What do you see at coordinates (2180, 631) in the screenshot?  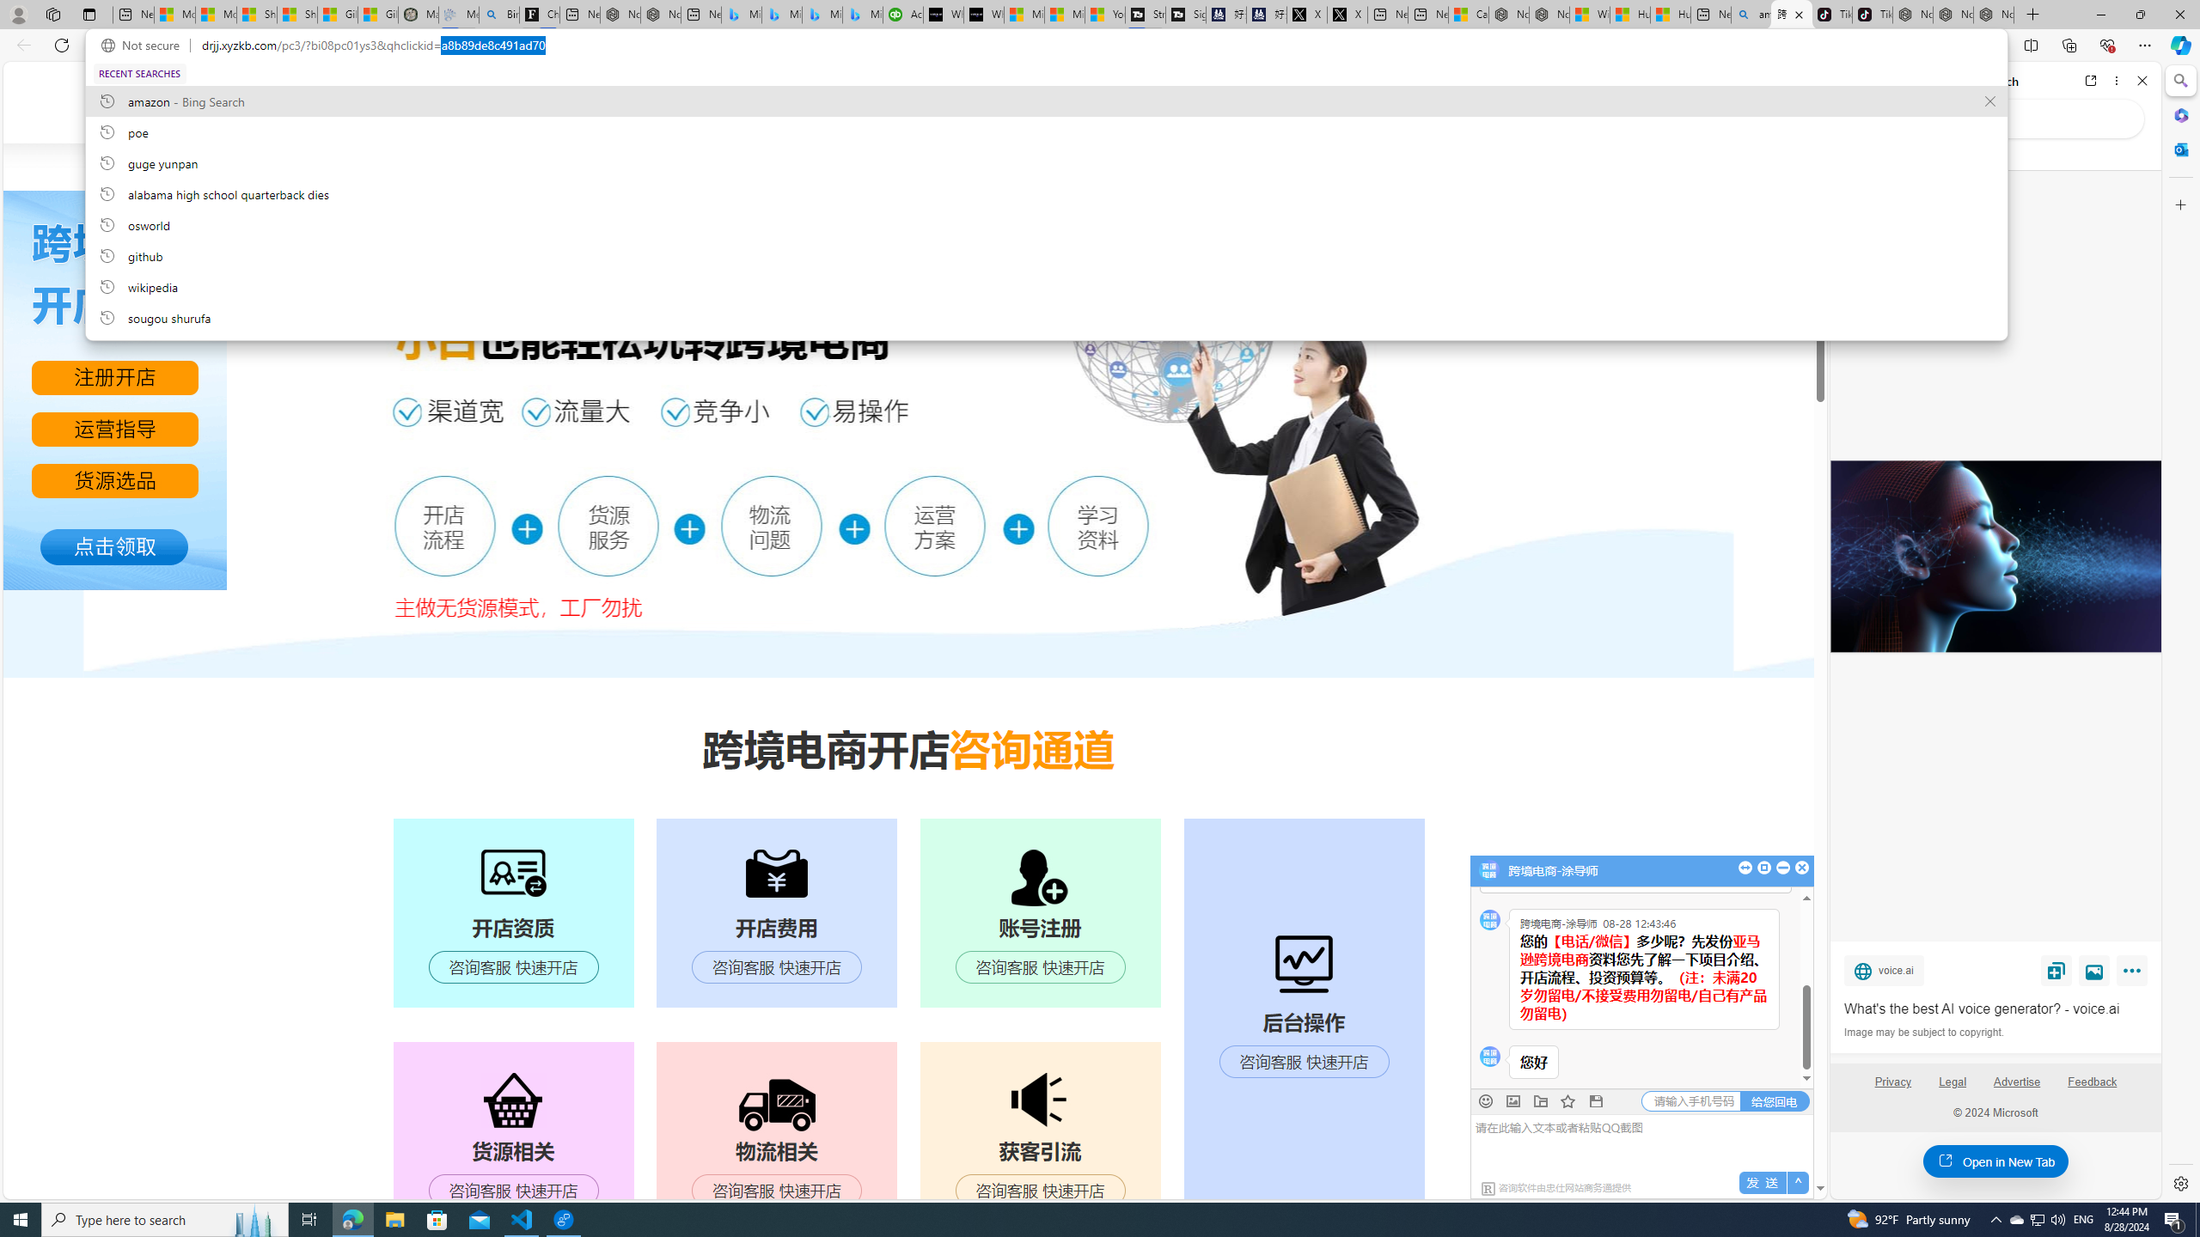 I see `'Side bar'` at bounding box center [2180, 631].